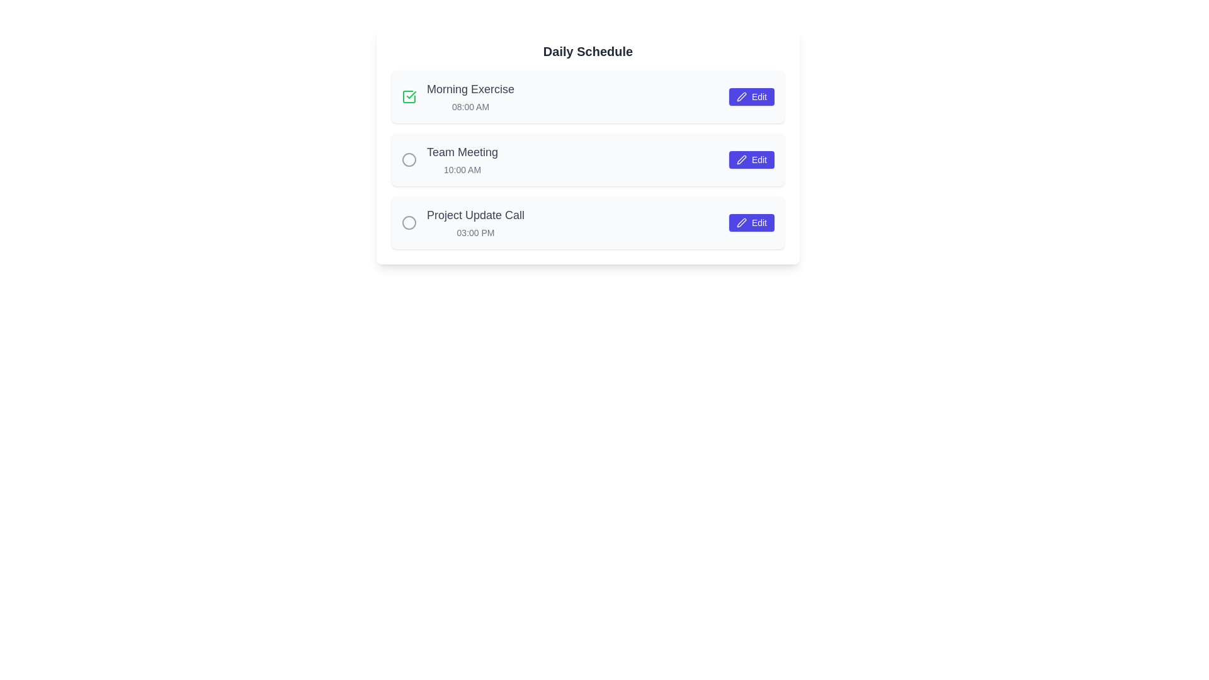 Image resolution: width=1209 pixels, height=680 pixels. What do you see at coordinates (409, 222) in the screenshot?
I see `the circular status indicator for the 'Project Update Call' task` at bounding box center [409, 222].